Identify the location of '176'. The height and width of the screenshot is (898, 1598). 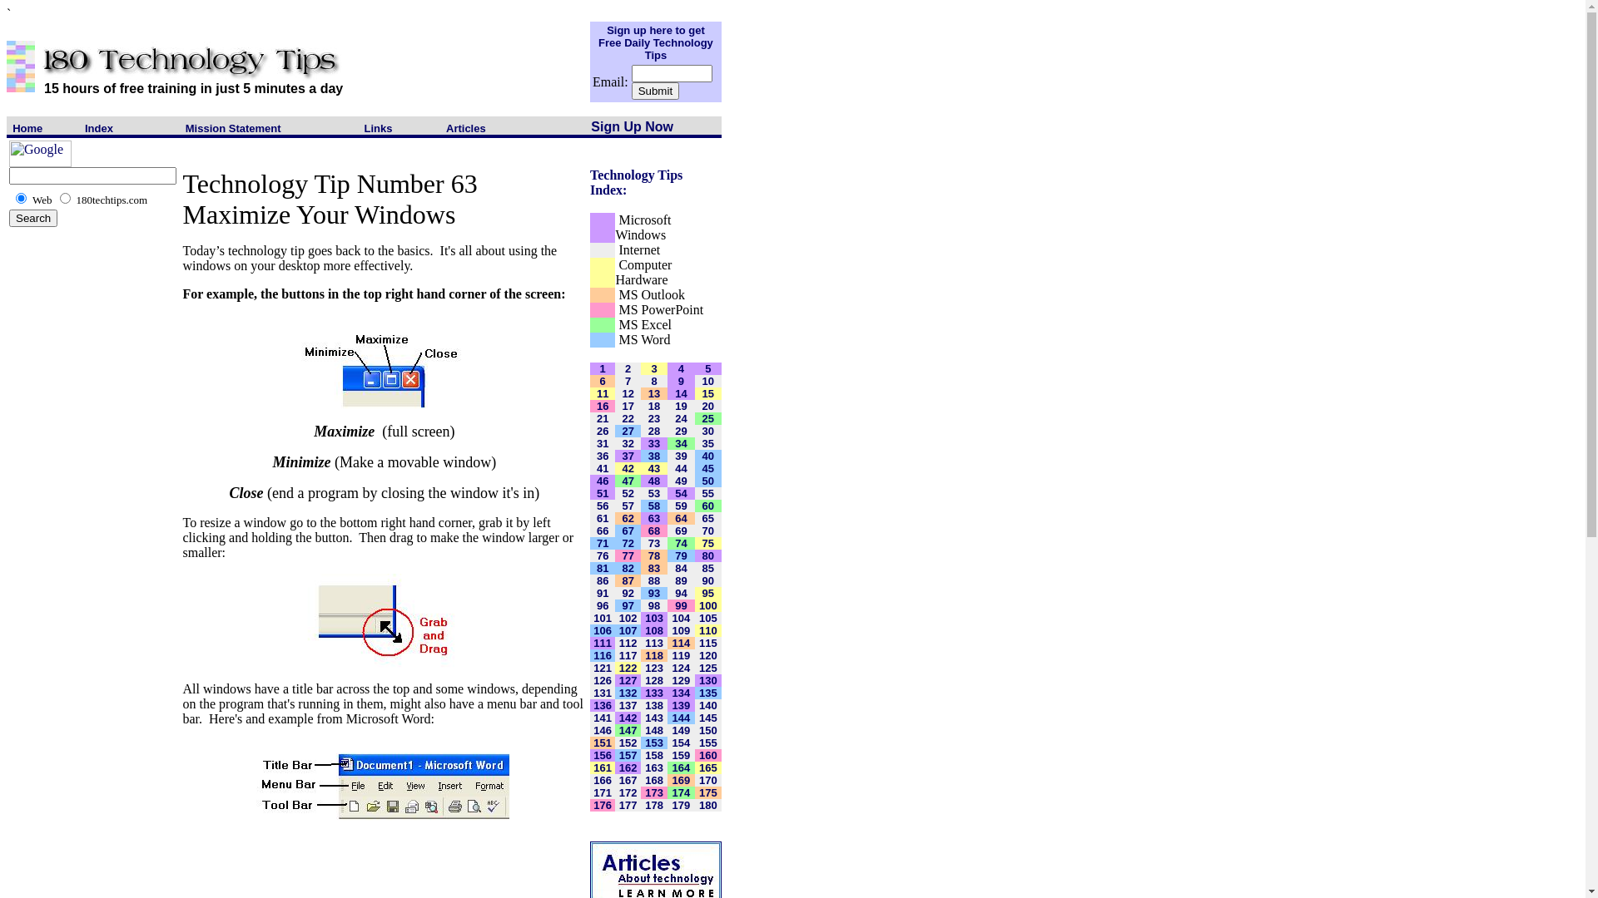
(602, 803).